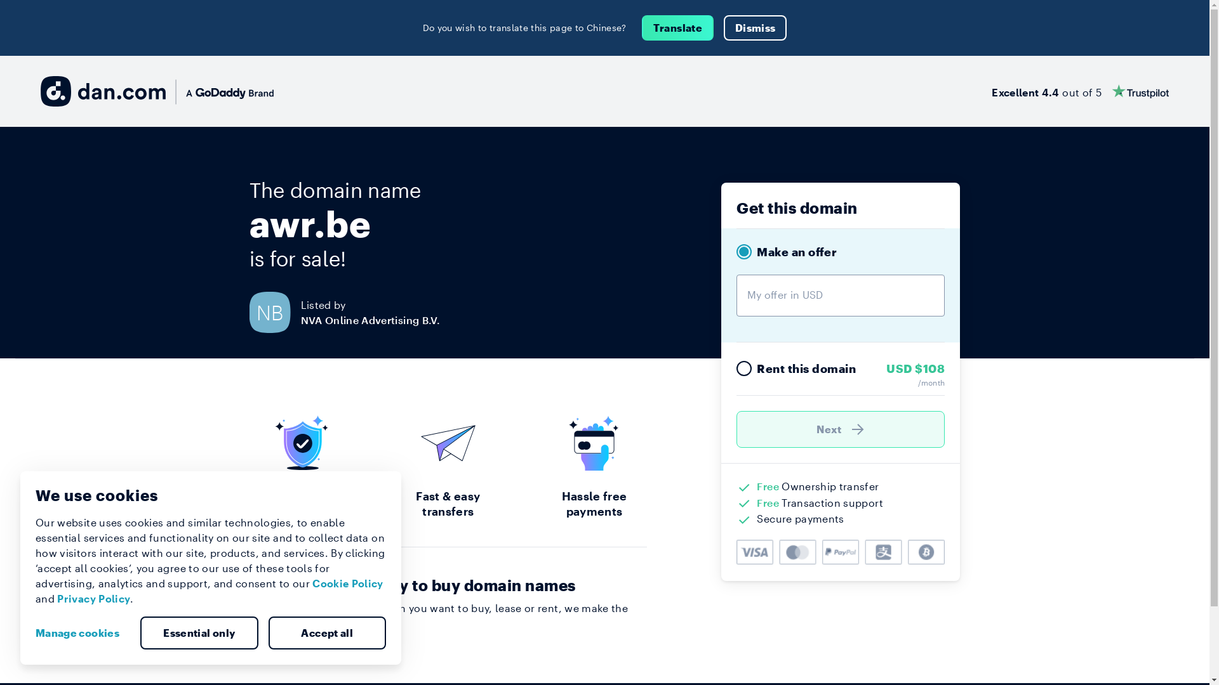  What do you see at coordinates (677, 27) in the screenshot?
I see `'Translate'` at bounding box center [677, 27].